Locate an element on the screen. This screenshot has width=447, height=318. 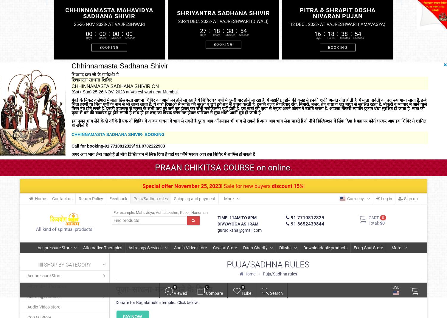
'Donate for Bagalamukhi temple.. Click below..' is located at coordinates (157, 303).